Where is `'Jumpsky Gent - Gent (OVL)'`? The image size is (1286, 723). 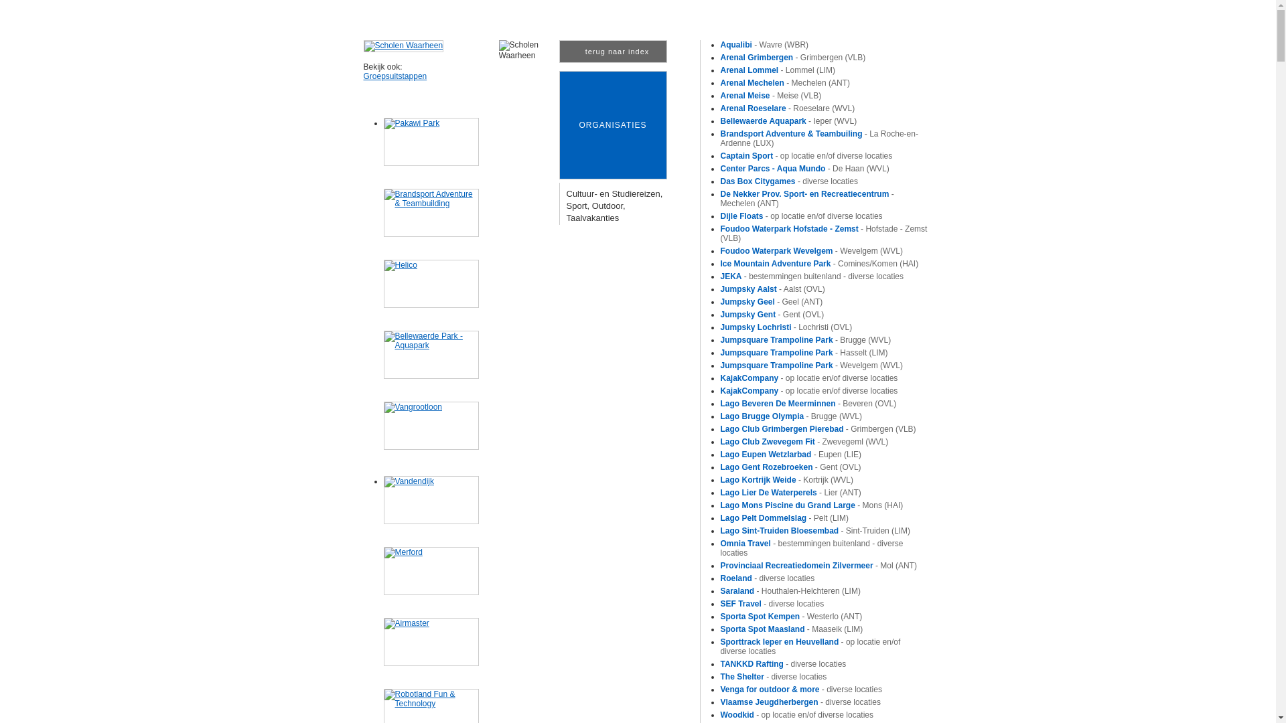
'Jumpsky Gent - Gent (OVL)' is located at coordinates (772, 315).